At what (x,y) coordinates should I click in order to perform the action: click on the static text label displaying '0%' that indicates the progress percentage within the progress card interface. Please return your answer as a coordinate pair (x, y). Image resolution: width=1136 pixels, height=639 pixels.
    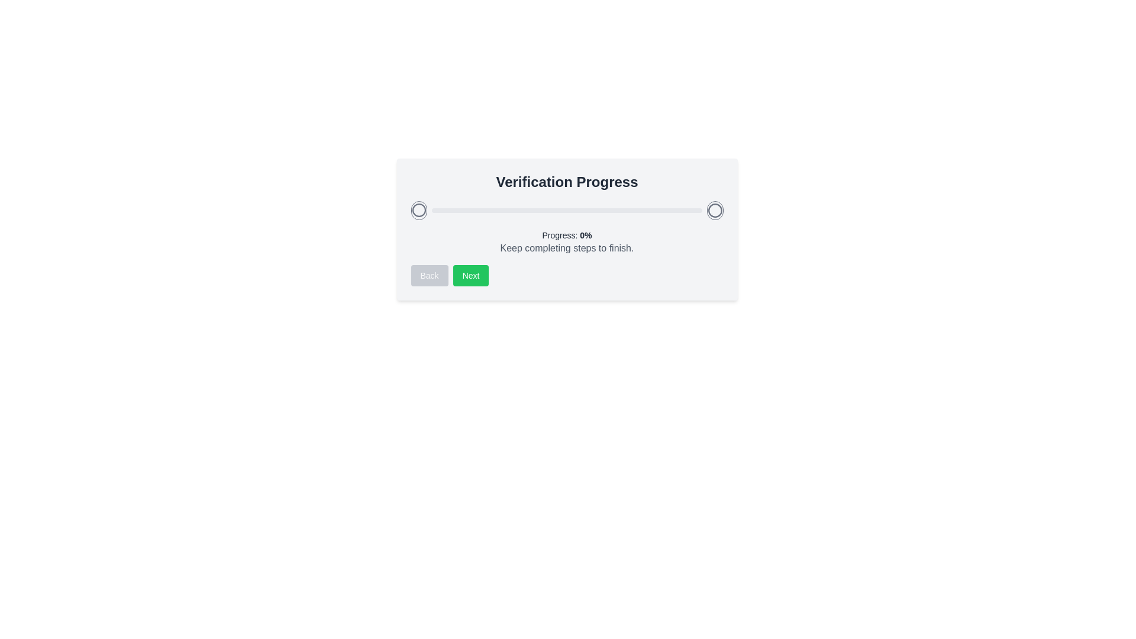
    Looking at the image, I should click on (586, 235).